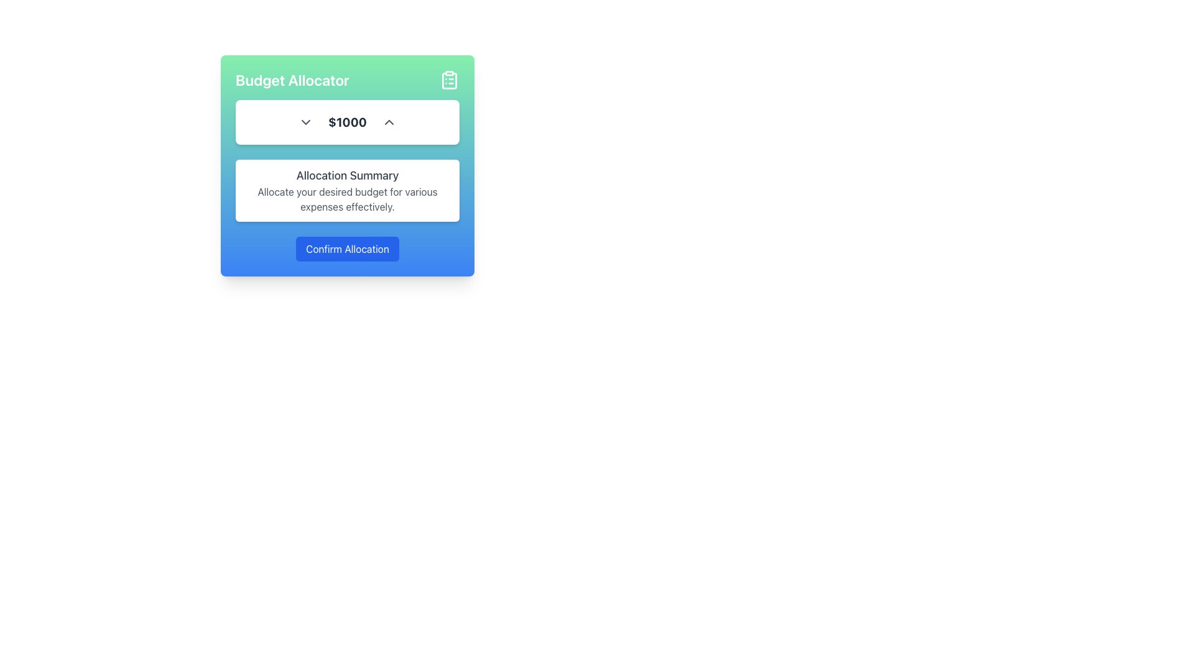 This screenshot has width=1194, height=671. What do you see at coordinates (347, 249) in the screenshot?
I see `the confirmation button located at the bottom of the interface, directly below the 'Allocation Summary' card` at bounding box center [347, 249].